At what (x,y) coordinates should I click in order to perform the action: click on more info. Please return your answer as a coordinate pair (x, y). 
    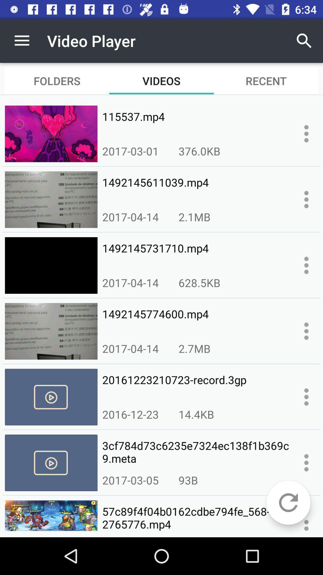
    Looking at the image, I should click on (306, 199).